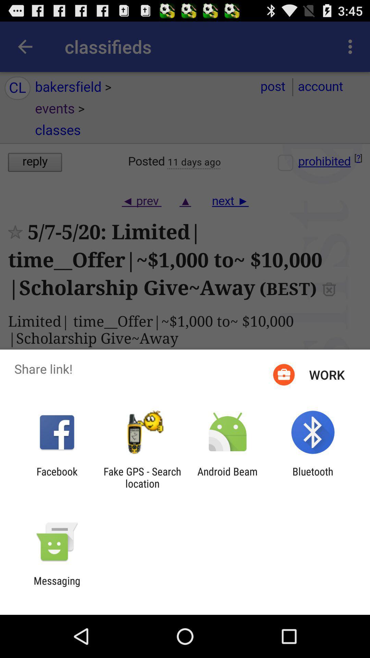 This screenshot has width=370, height=658. What do you see at coordinates (227, 477) in the screenshot?
I see `app to the left of the bluetooth app` at bounding box center [227, 477].